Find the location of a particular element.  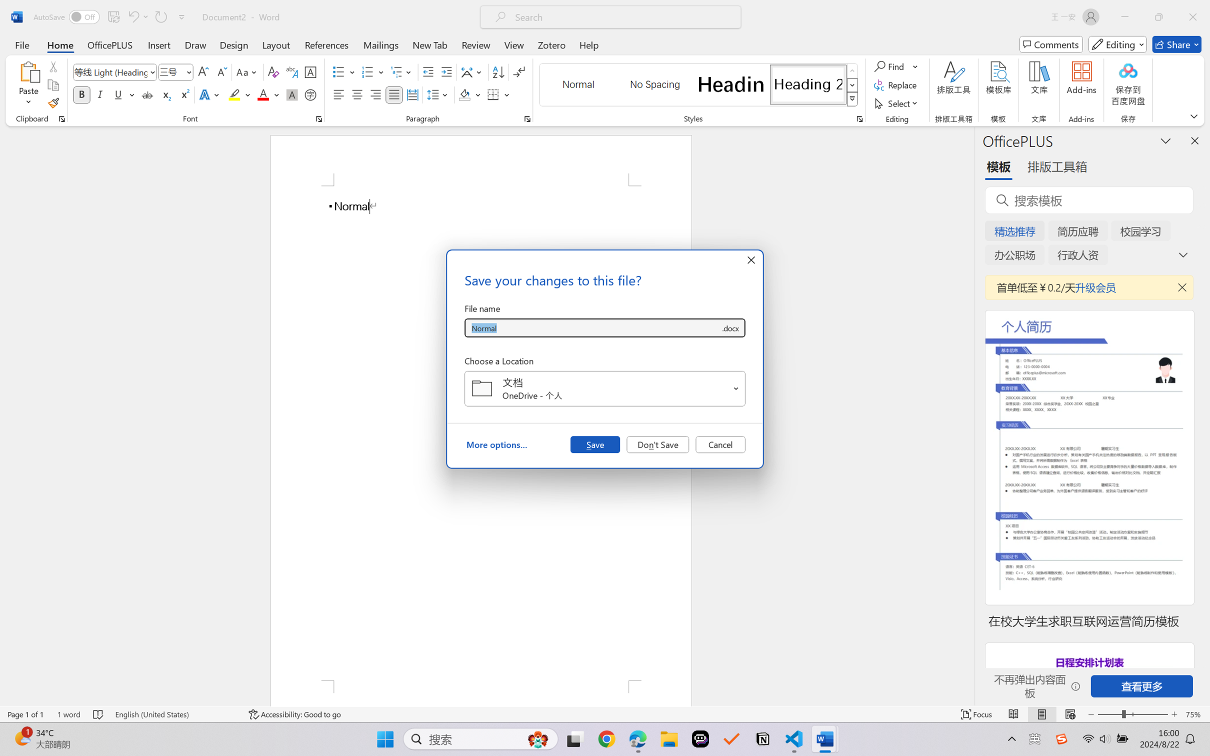

'Help' is located at coordinates (588, 44).